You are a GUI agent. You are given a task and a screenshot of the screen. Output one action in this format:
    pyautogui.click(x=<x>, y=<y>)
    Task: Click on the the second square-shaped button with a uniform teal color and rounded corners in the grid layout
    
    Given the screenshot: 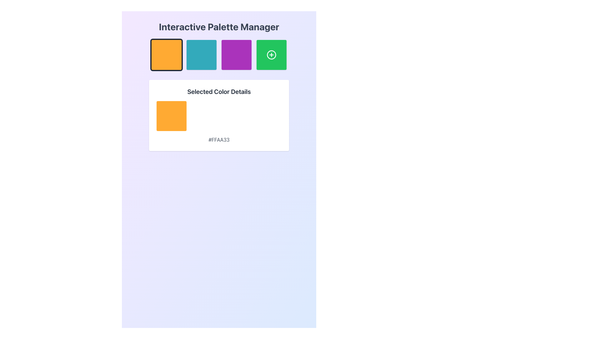 What is the action you would take?
    pyautogui.click(x=201, y=55)
    